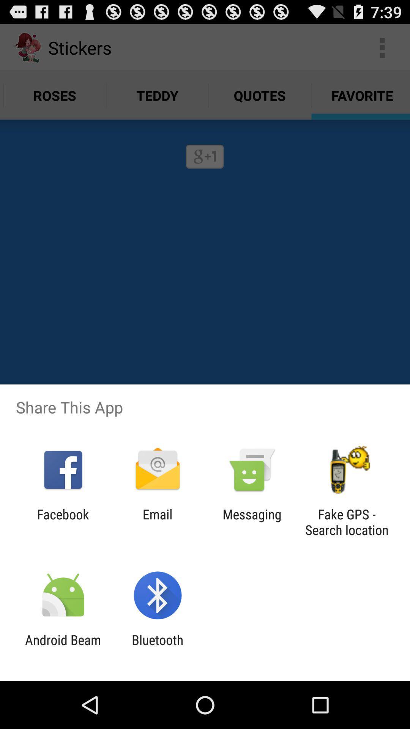 The width and height of the screenshot is (410, 729). What do you see at coordinates (252, 522) in the screenshot?
I see `the item to the left of fake gps search item` at bounding box center [252, 522].